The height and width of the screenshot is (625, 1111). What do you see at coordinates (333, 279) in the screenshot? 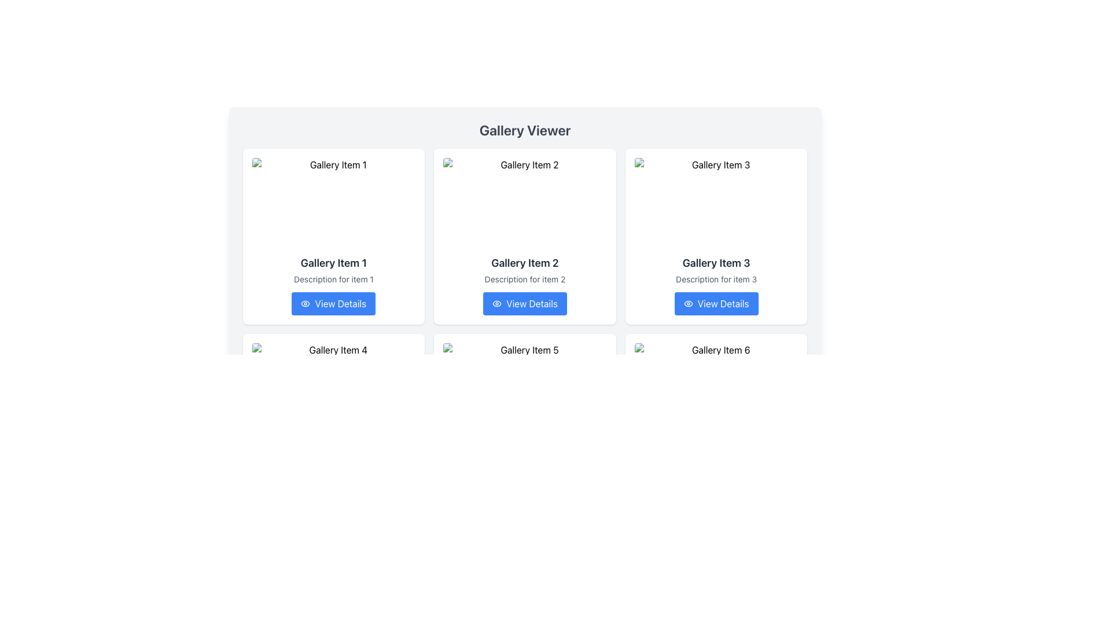
I see `the descriptive text element that provides additional context about 'Gallery Item 1', located below the title and above the 'View Details' button` at bounding box center [333, 279].